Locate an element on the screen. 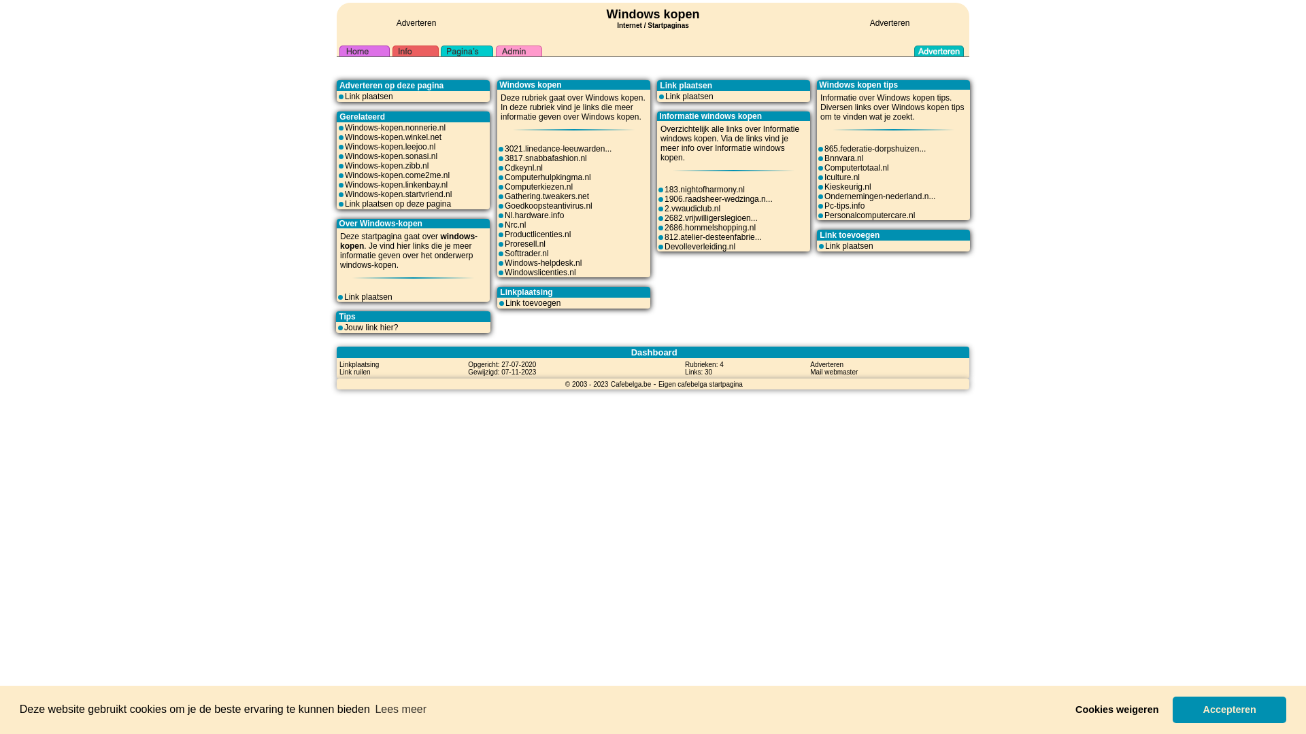  'Bnnvara.nl' is located at coordinates (843, 157).